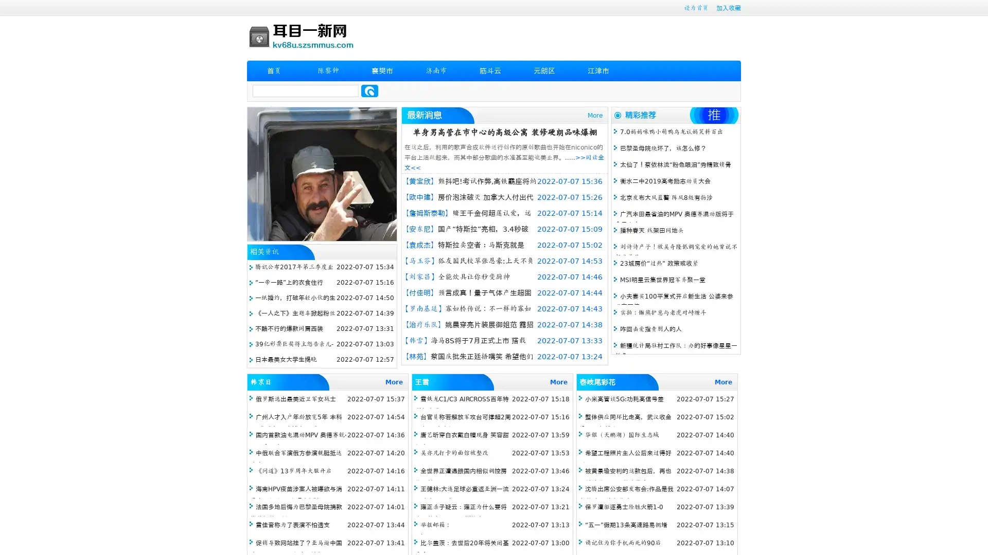  What do you see at coordinates (369, 90) in the screenshot?
I see `Search` at bounding box center [369, 90].